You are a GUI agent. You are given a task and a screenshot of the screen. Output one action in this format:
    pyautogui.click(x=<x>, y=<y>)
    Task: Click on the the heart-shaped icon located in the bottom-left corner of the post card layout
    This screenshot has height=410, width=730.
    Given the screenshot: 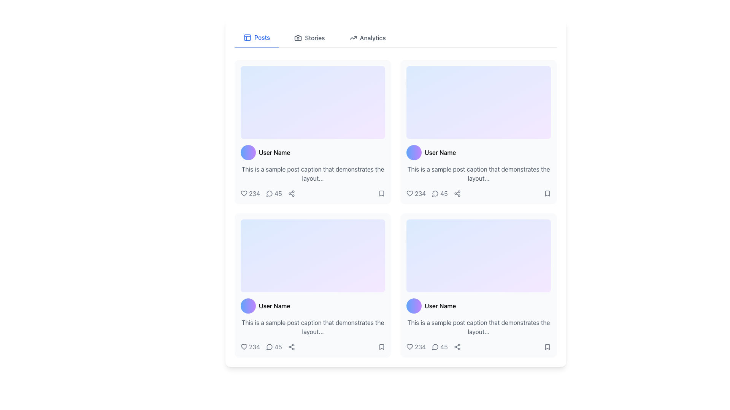 What is the action you would take?
    pyautogui.click(x=244, y=347)
    